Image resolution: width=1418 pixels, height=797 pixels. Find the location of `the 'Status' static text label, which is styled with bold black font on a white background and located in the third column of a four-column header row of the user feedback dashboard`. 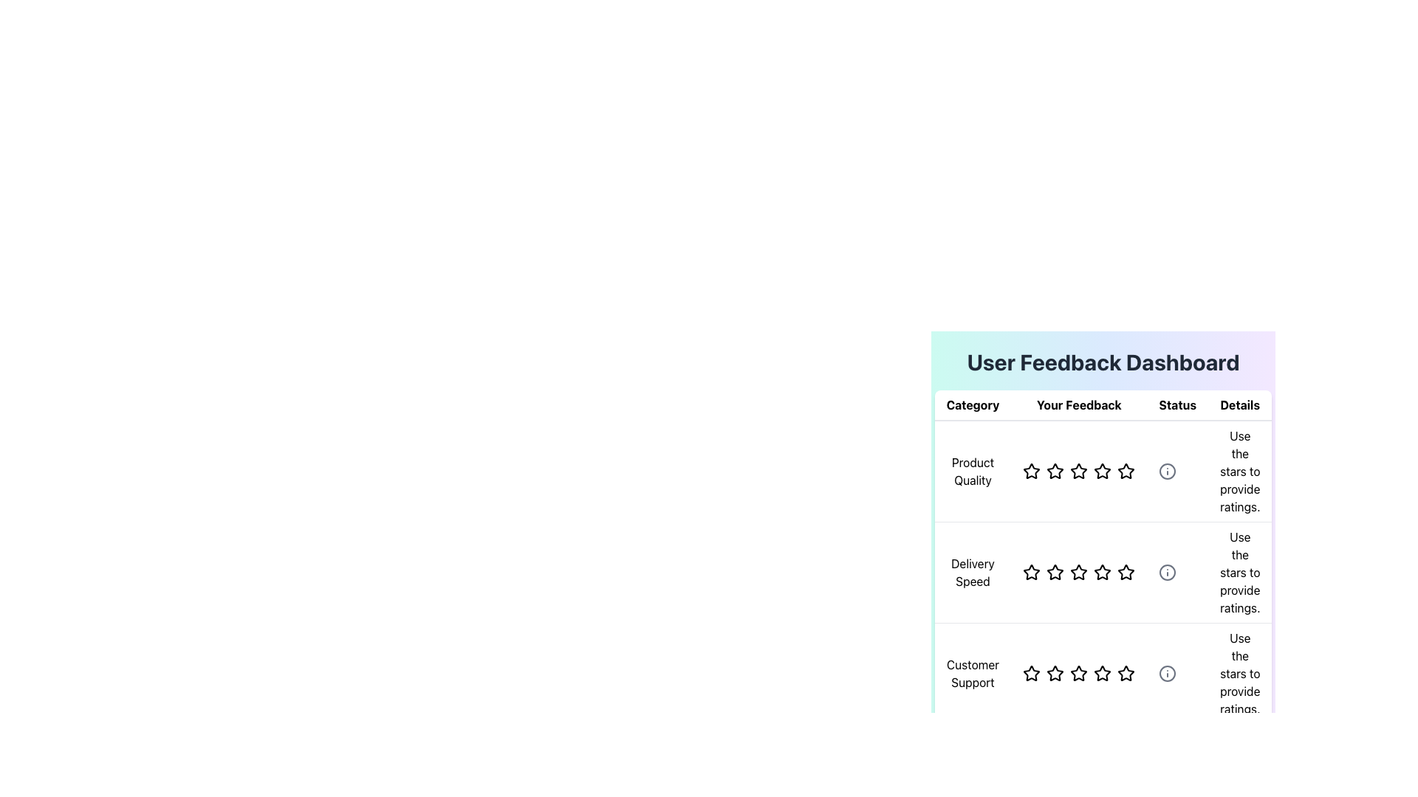

the 'Status' static text label, which is styled with bold black font on a white background and located in the third column of a four-column header row of the user feedback dashboard is located at coordinates (1176, 405).